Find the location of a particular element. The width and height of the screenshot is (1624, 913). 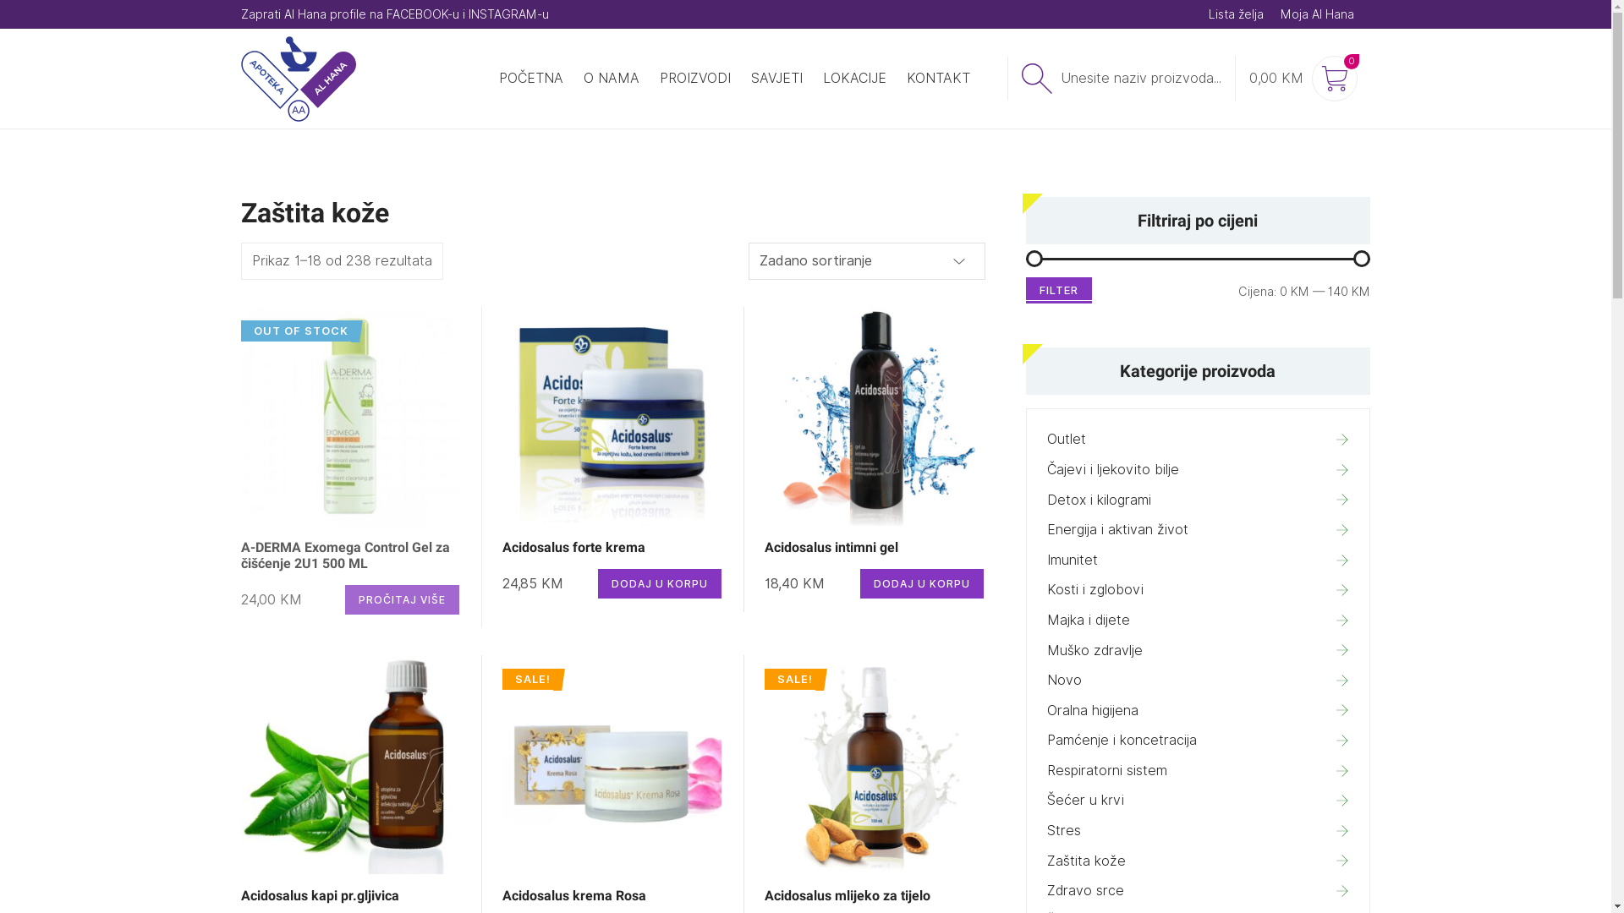

'Majka i dijete' is located at coordinates (1197, 620).